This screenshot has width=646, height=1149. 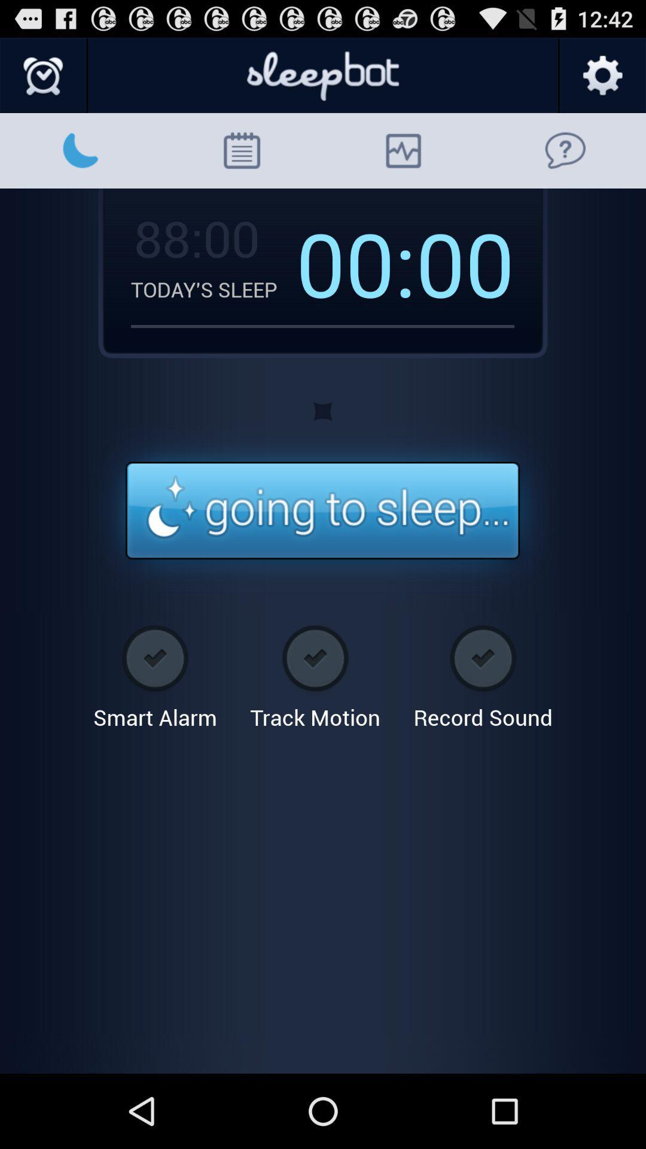 What do you see at coordinates (315, 673) in the screenshot?
I see `the app to the left of the record sound` at bounding box center [315, 673].